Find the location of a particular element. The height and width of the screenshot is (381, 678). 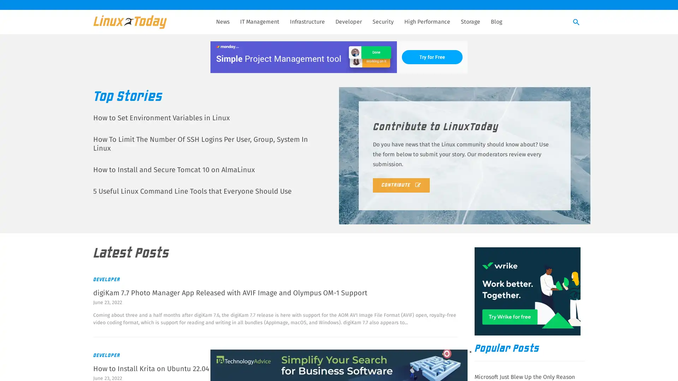

Search is located at coordinates (576, 22).